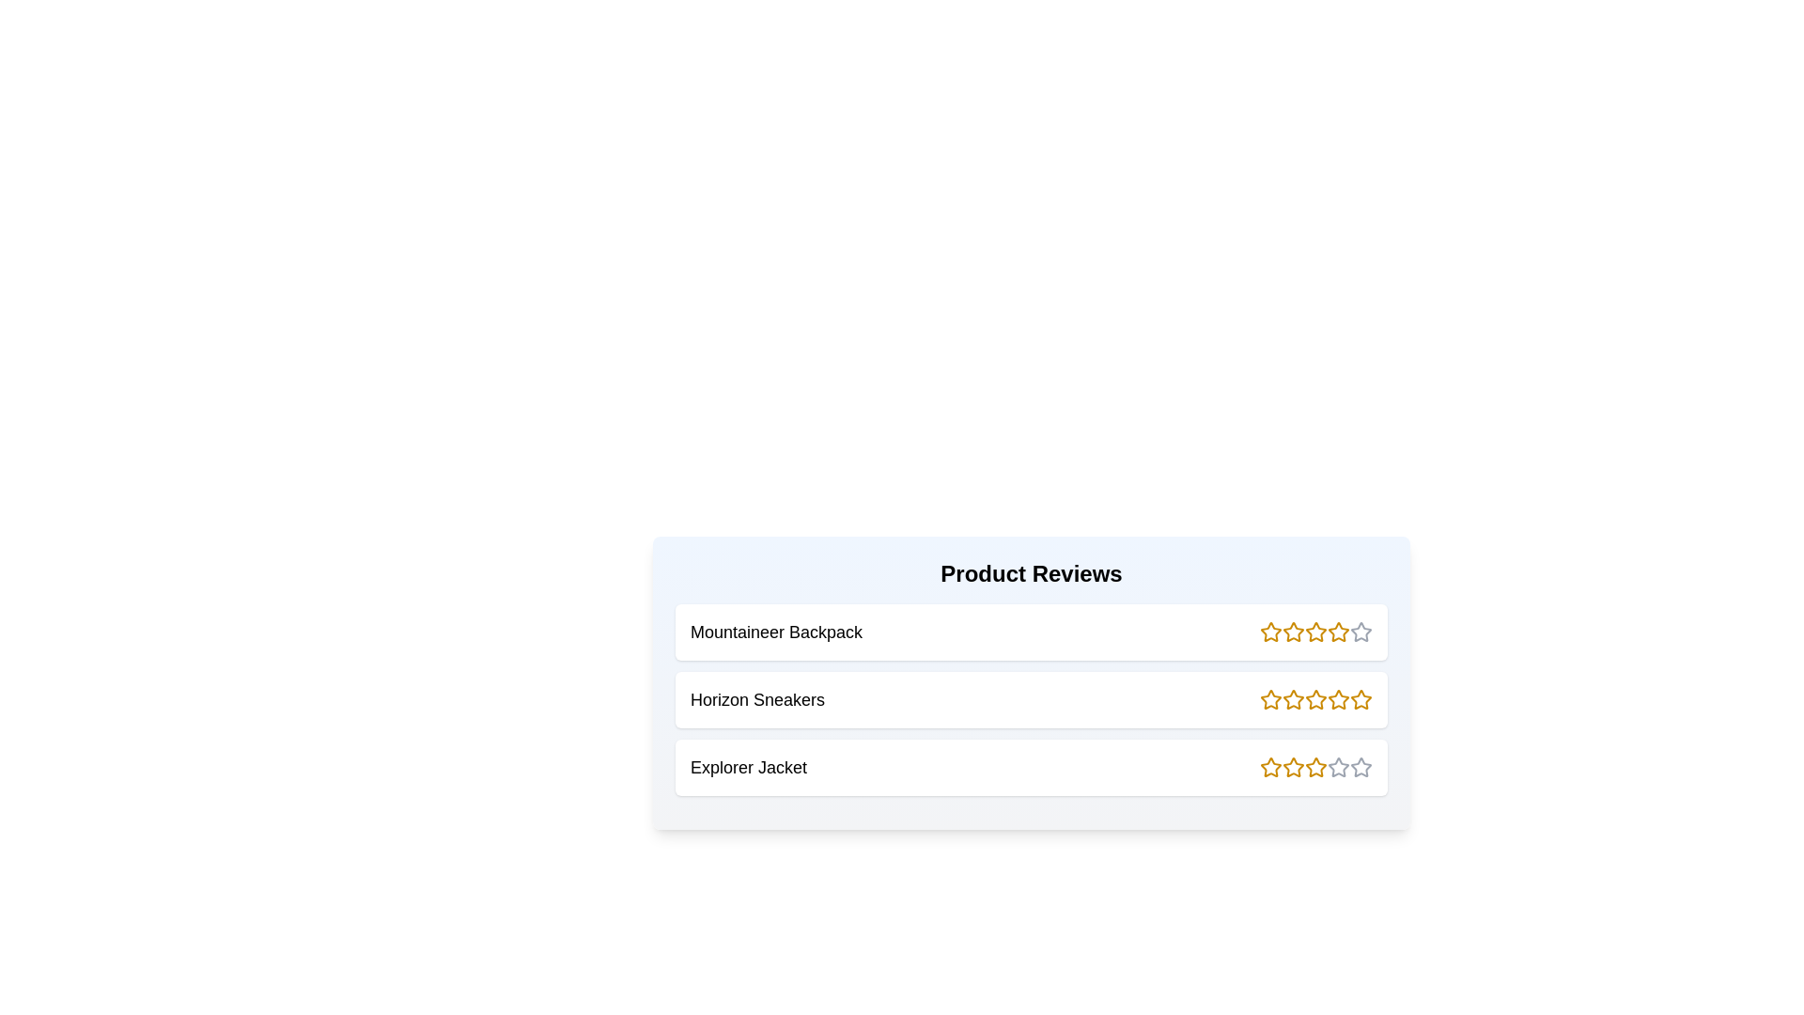 Image resolution: width=1804 pixels, height=1015 pixels. What do you see at coordinates (757, 699) in the screenshot?
I see `the product name Horizon Sneakers` at bounding box center [757, 699].